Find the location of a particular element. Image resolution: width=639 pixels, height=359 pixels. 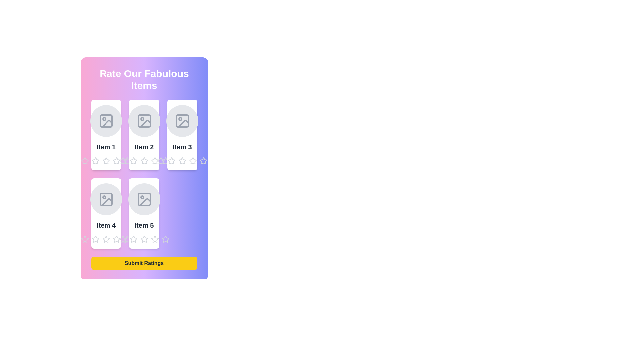

the image placeholder for Item 5 is located at coordinates (144, 199).